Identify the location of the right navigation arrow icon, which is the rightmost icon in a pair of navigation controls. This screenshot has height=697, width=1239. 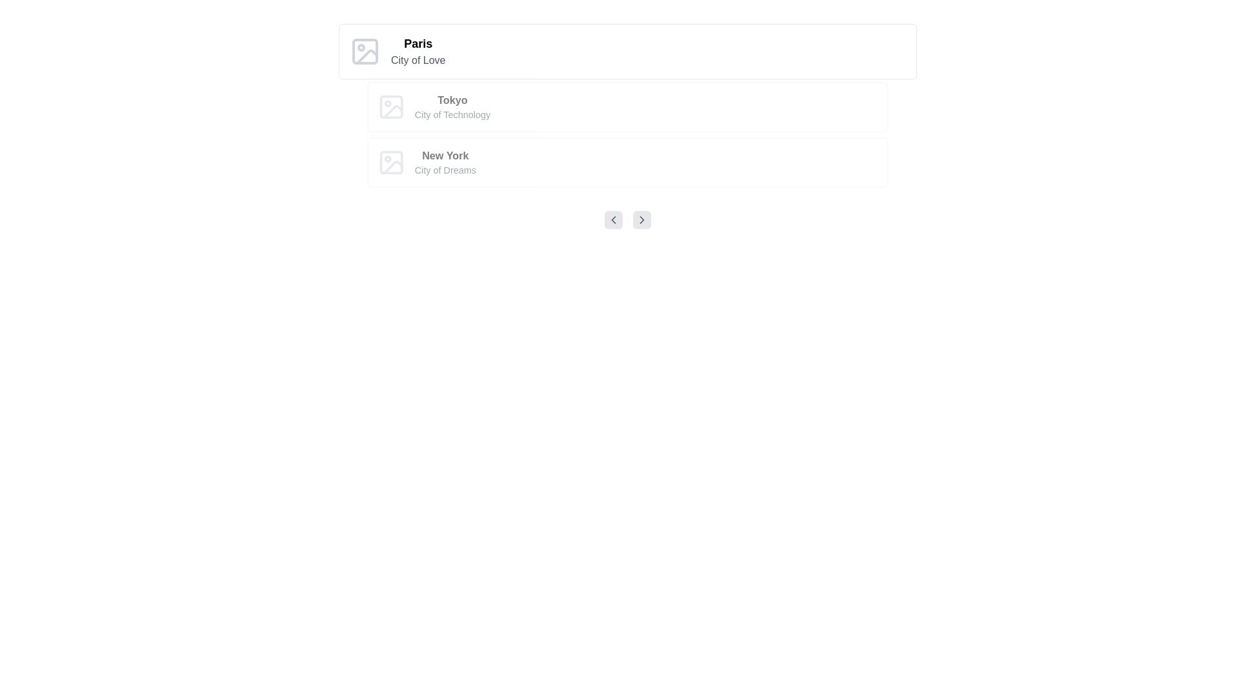
(641, 219).